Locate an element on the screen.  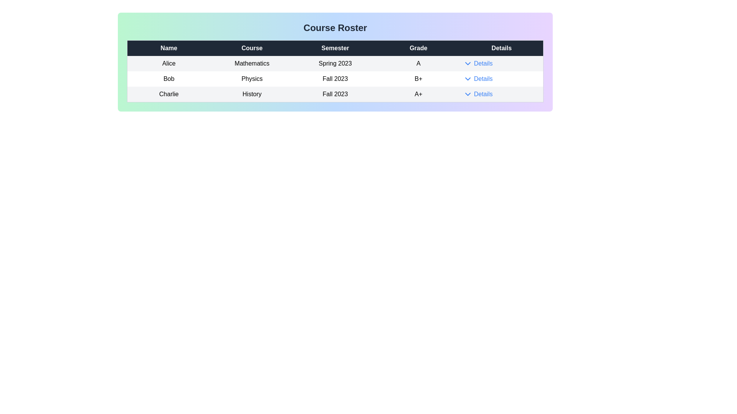
the text label displaying 'History' in bold black font, located in the second column of the third row under the 'Course' header in a light gray background is located at coordinates (252, 94).